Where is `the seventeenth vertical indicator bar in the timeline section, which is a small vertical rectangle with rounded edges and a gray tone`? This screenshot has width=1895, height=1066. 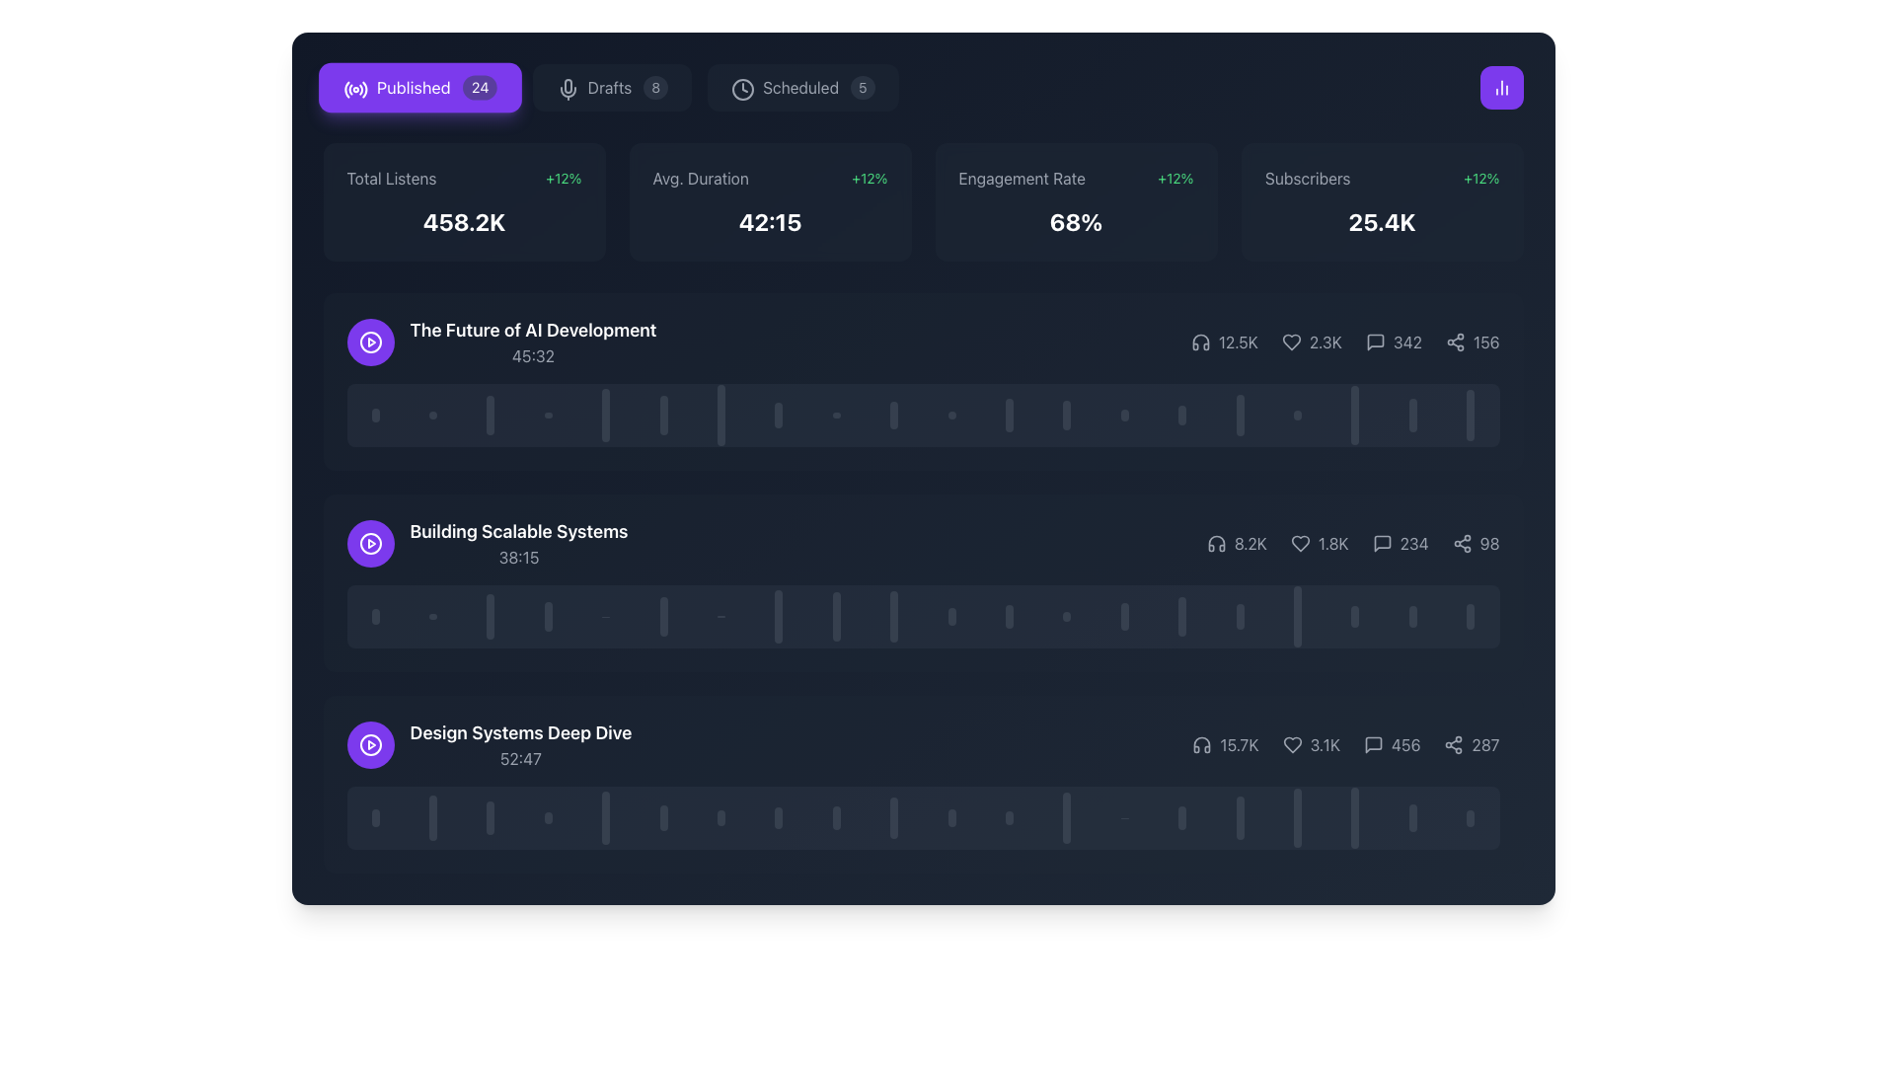 the seventeenth vertical indicator bar in the timeline section, which is a small vertical rectangle with rounded edges and a gray tone is located at coordinates (1298, 414).